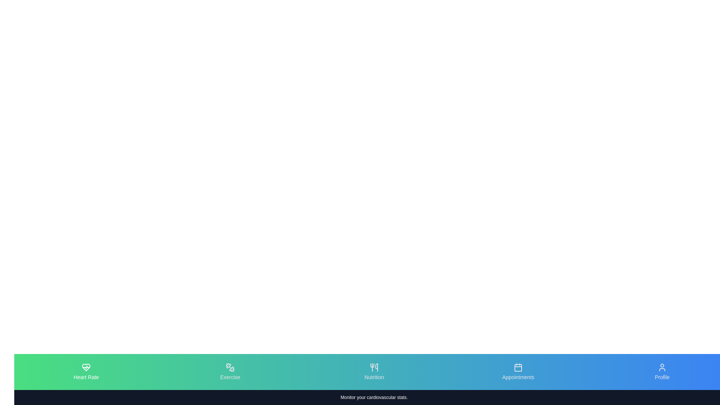  Describe the element at coordinates (230, 372) in the screenshot. I see `the tab icon labeled Exercise to observe the visual transition` at that location.